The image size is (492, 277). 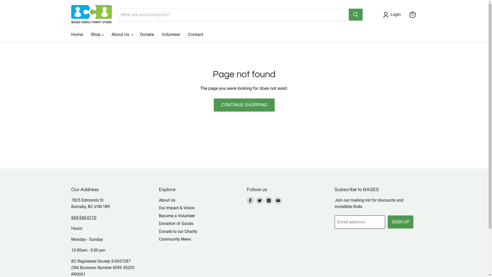 What do you see at coordinates (158, 239) in the screenshot?
I see `'Community News'` at bounding box center [158, 239].